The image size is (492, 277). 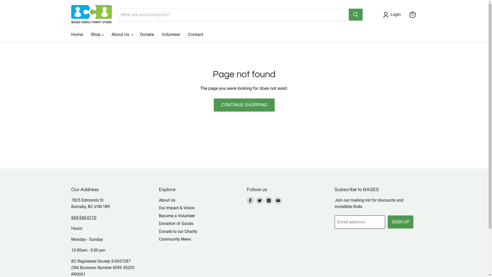 What do you see at coordinates (158, 239) in the screenshot?
I see `'Community News'` at bounding box center [158, 239].